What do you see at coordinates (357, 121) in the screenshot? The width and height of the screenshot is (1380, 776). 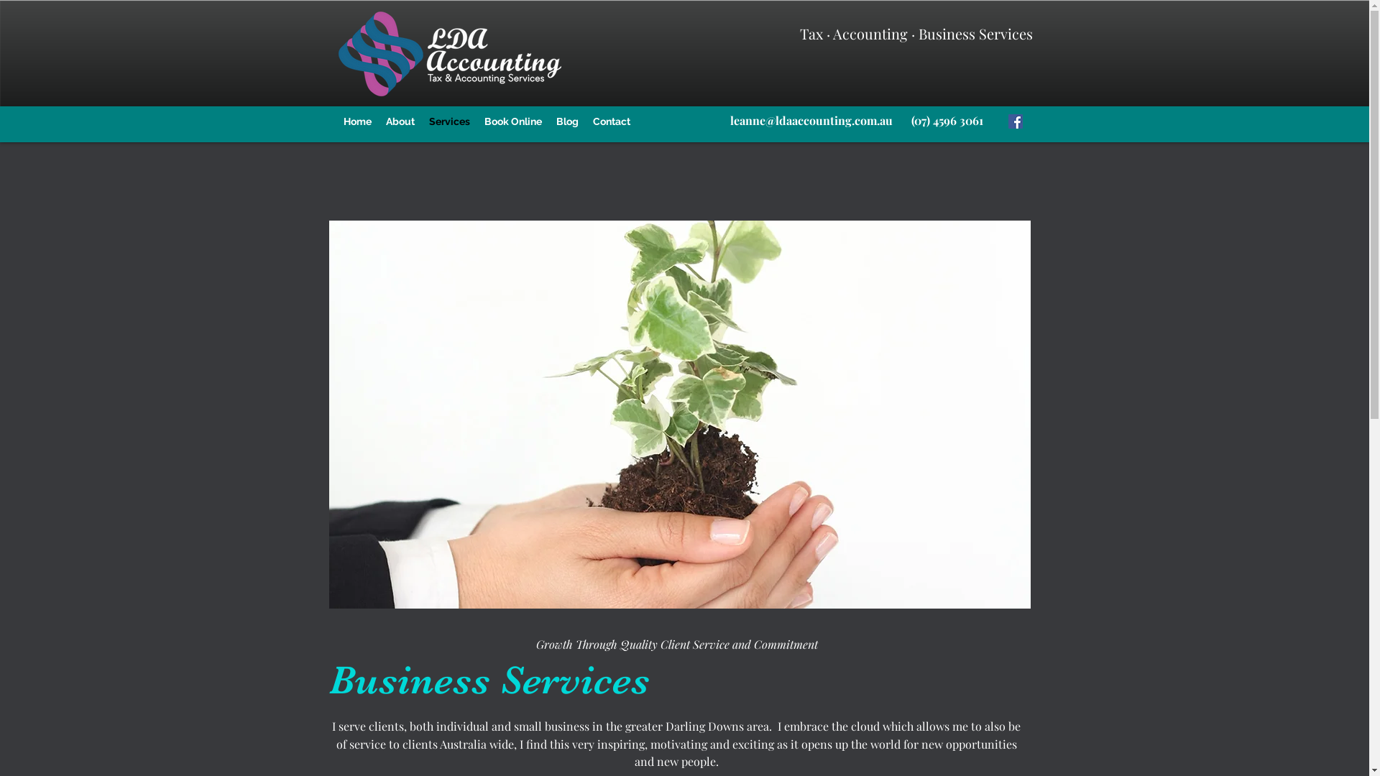 I see `'Home'` at bounding box center [357, 121].